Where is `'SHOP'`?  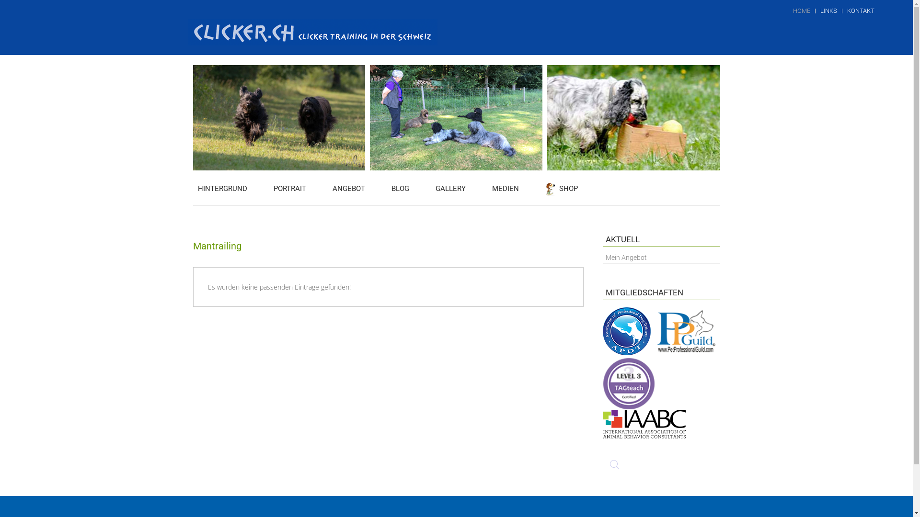
'SHOP' is located at coordinates (562, 188).